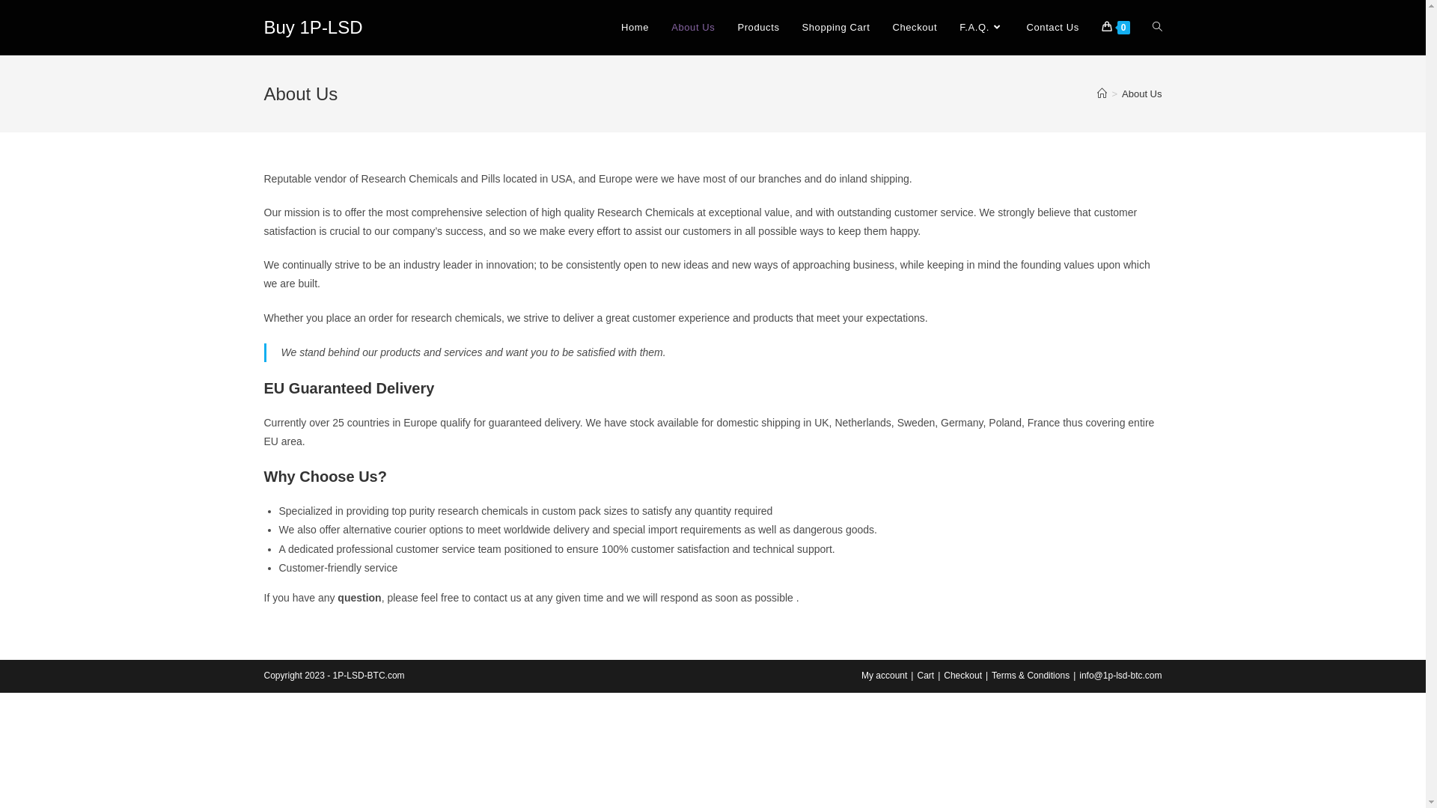 Image resolution: width=1437 pixels, height=808 pixels. What do you see at coordinates (981, 28) in the screenshot?
I see `'F.A.Q.'` at bounding box center [981, 28].